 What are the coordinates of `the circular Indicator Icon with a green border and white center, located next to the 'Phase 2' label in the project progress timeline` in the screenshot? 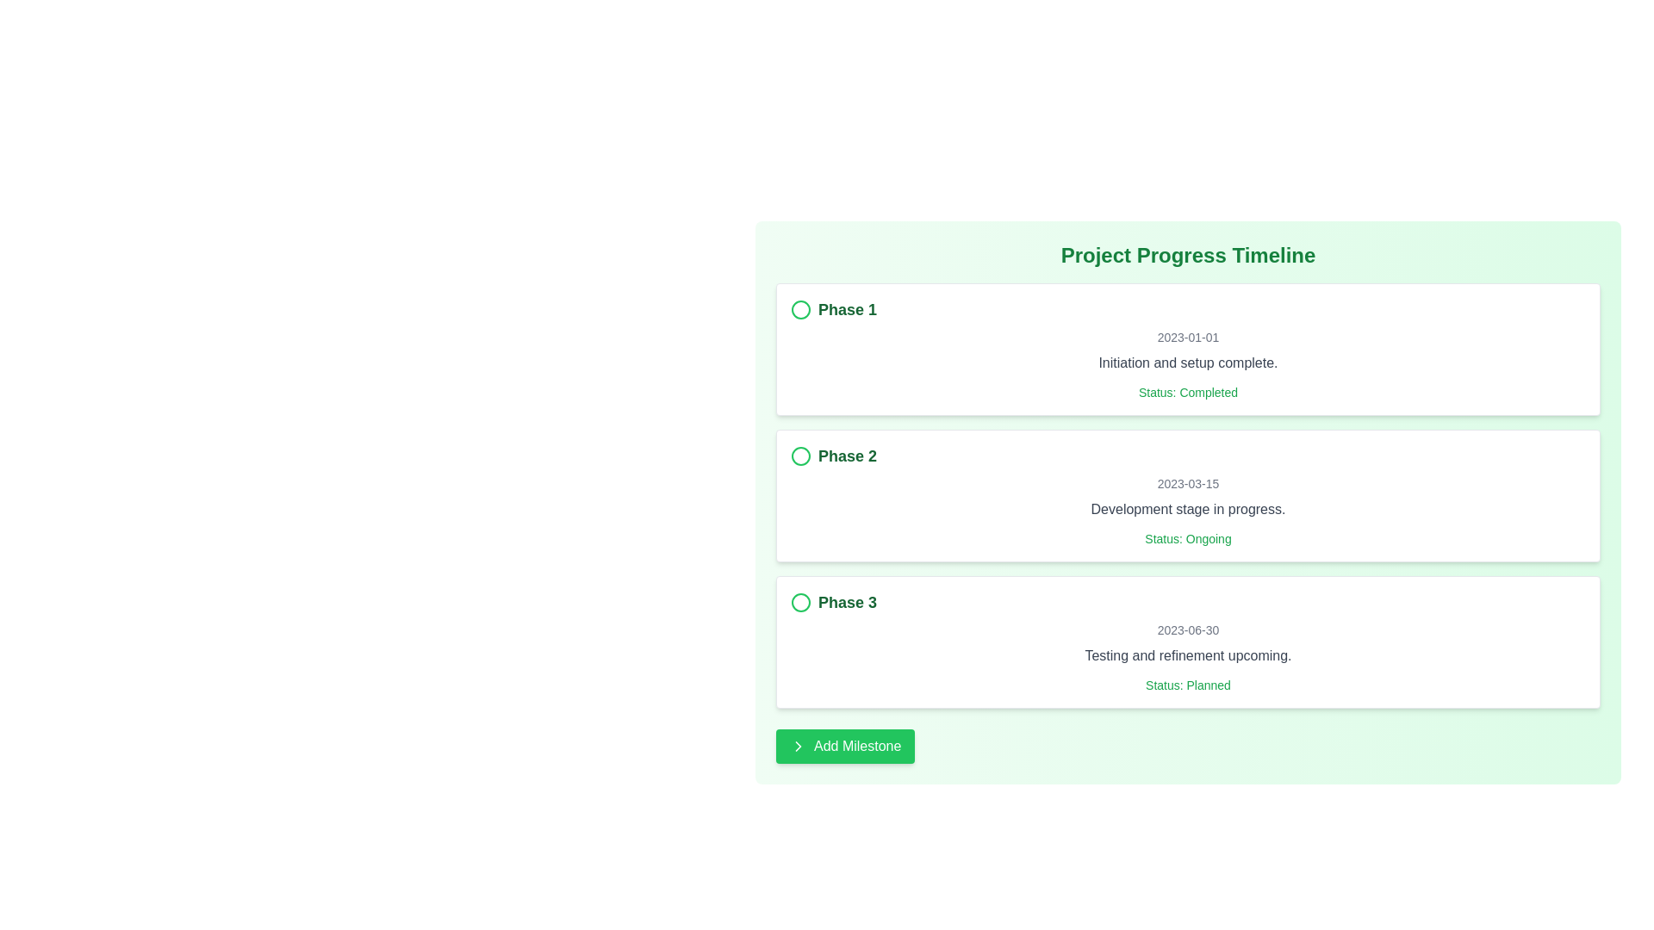 It's located at (800, 455).